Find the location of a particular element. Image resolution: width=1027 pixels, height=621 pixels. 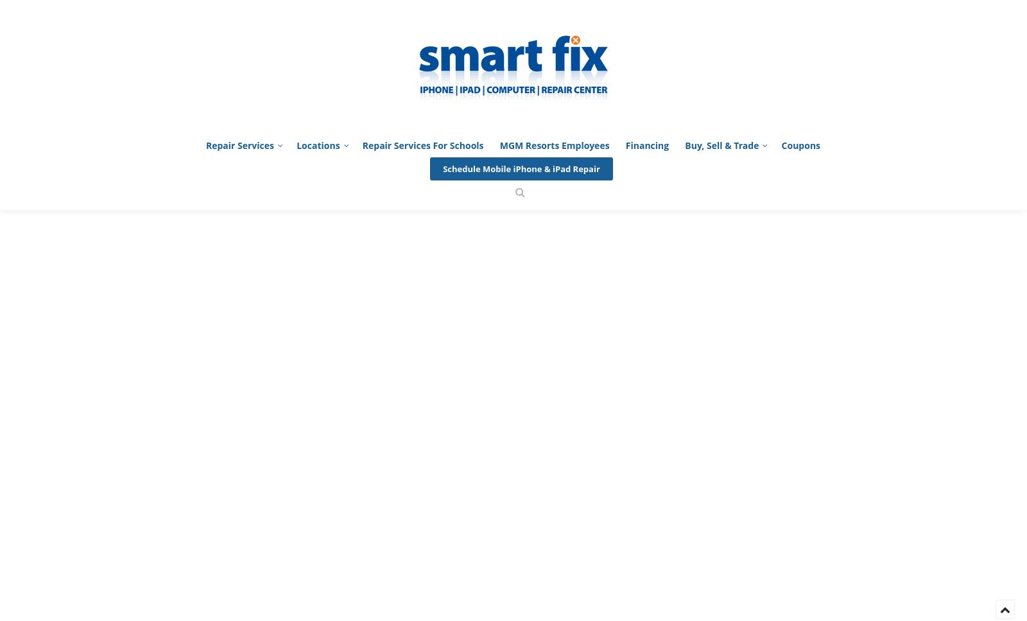

'Schedule Mobile iPhone & iPad Repair' is located at coordinates (520, 168).